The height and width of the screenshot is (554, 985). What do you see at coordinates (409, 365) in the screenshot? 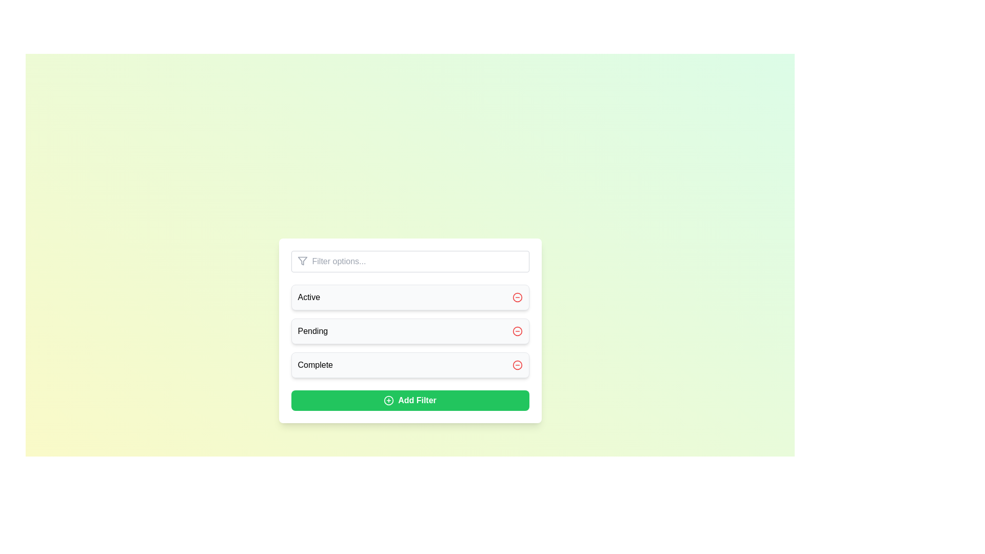
I see `the list item labeled 'Complete' which has a red circular icon with a minus sign on the right` at bounding box center [409, 365].